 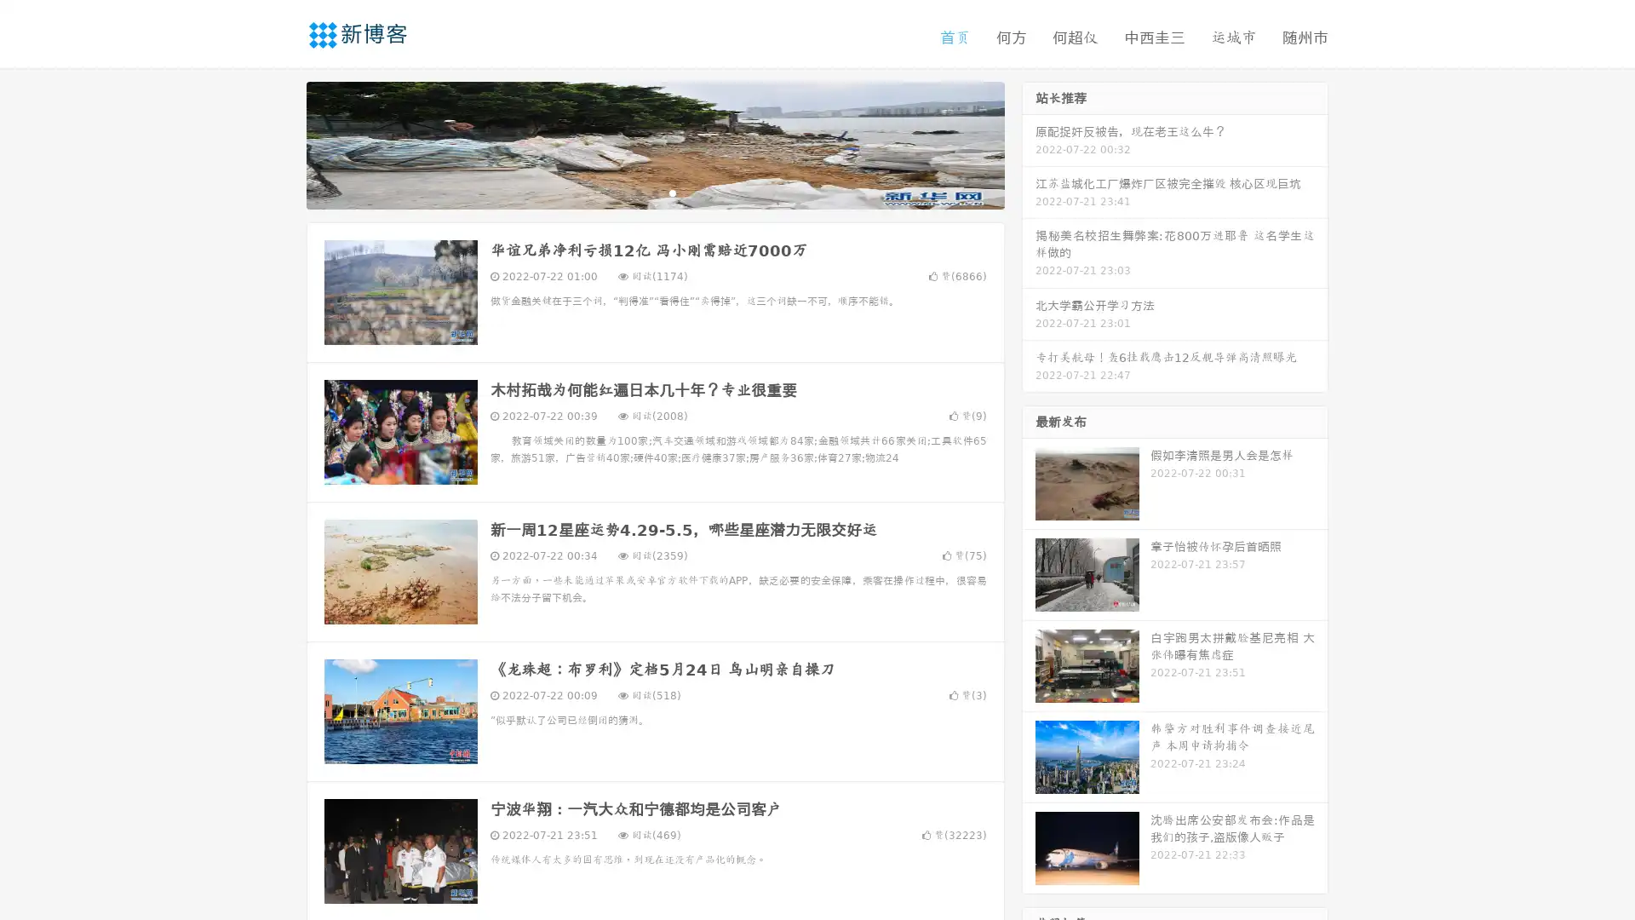 I want to click on Go to slide 3, so click(x=672, y=192).